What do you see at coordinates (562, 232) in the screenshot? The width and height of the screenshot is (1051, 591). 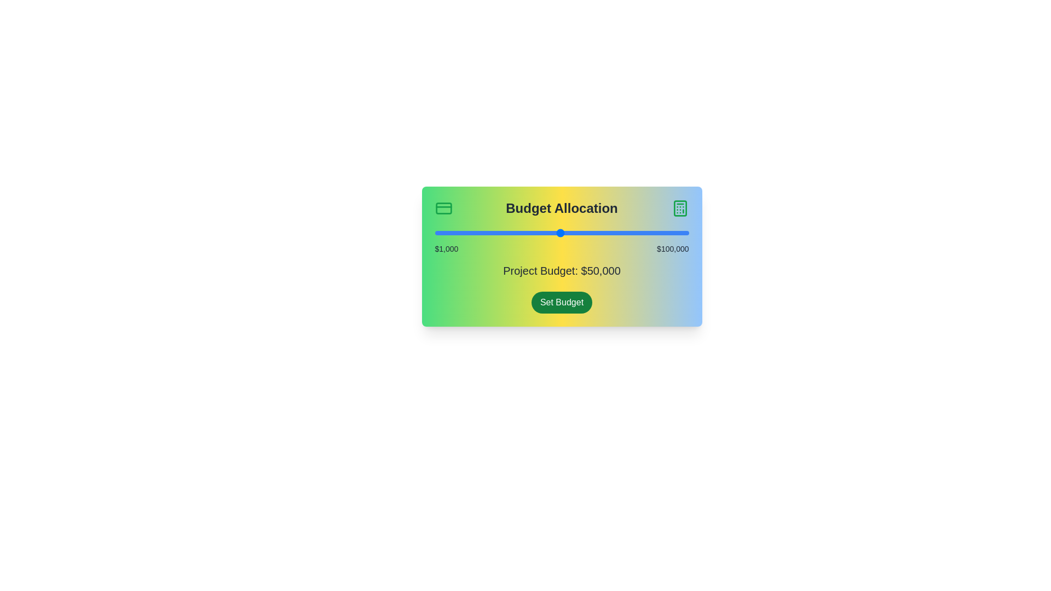 I see `the slider to view interactive feedback` at bounding box center [562, 232].